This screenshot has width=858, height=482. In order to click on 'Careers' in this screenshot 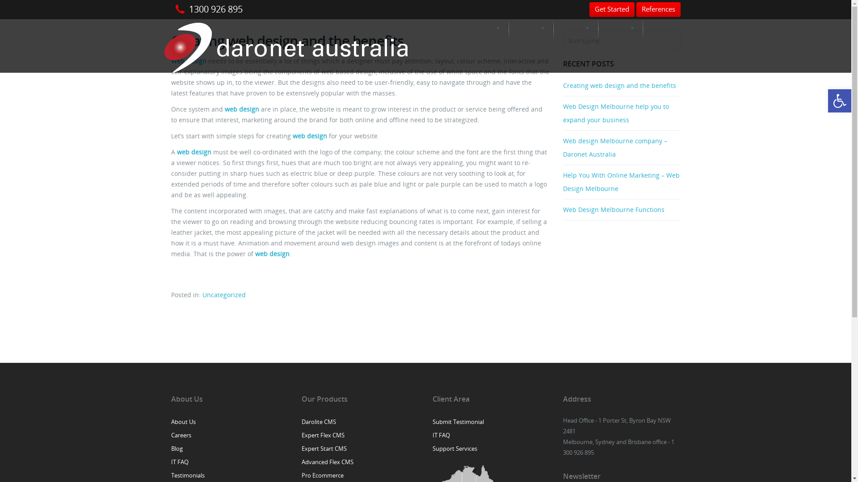, I will do `click(180, 435)`.